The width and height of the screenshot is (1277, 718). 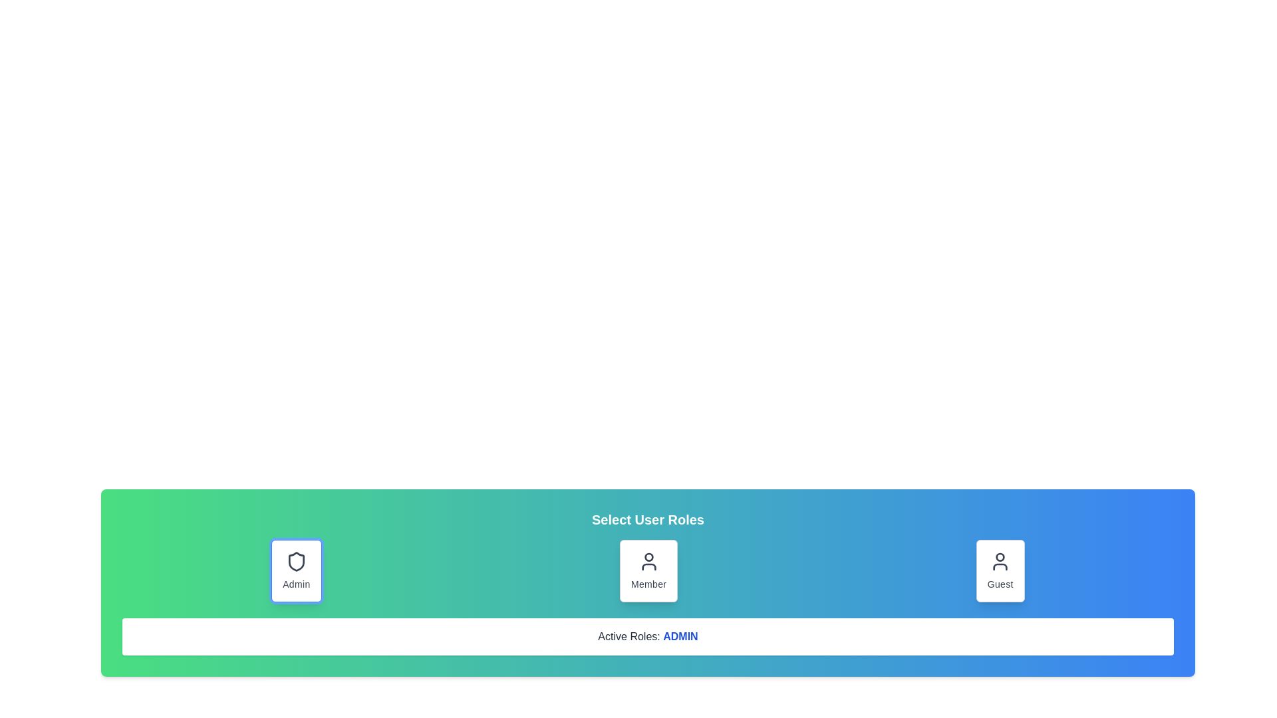 I want to click on the role button Guest to inspect its hover and focus effects, so click(x=1000, y=570).